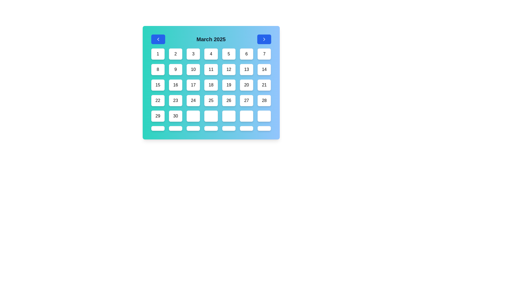  Describe the element at coordinates (211, 128) in the screenshot. I see `the visual style of the rectangular box with a smooth white background, curved border, and subtle shadow effect, located in the bottommost row, fourth from the left in a grid layout` at that location.